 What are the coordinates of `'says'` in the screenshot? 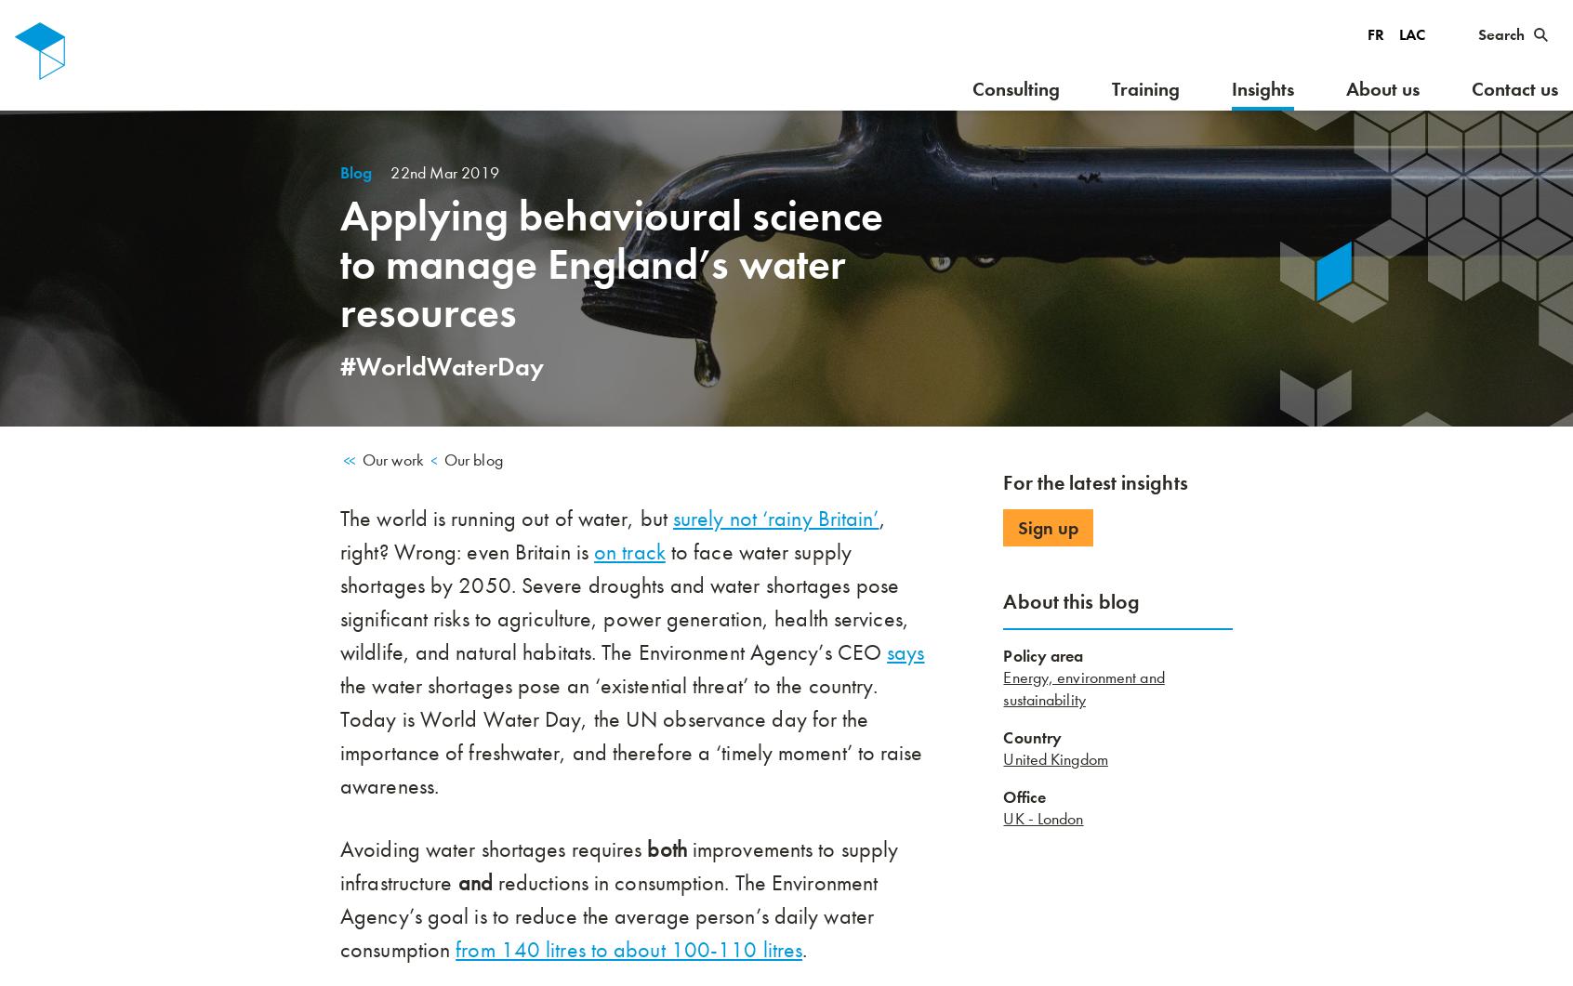 It's located at (886, 651).